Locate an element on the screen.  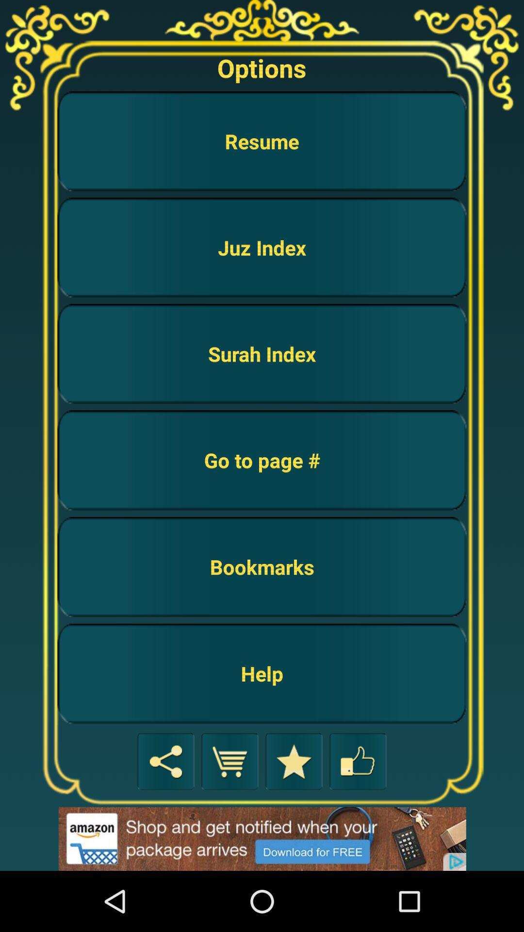
the share icon is located at coordinates (165, 815).